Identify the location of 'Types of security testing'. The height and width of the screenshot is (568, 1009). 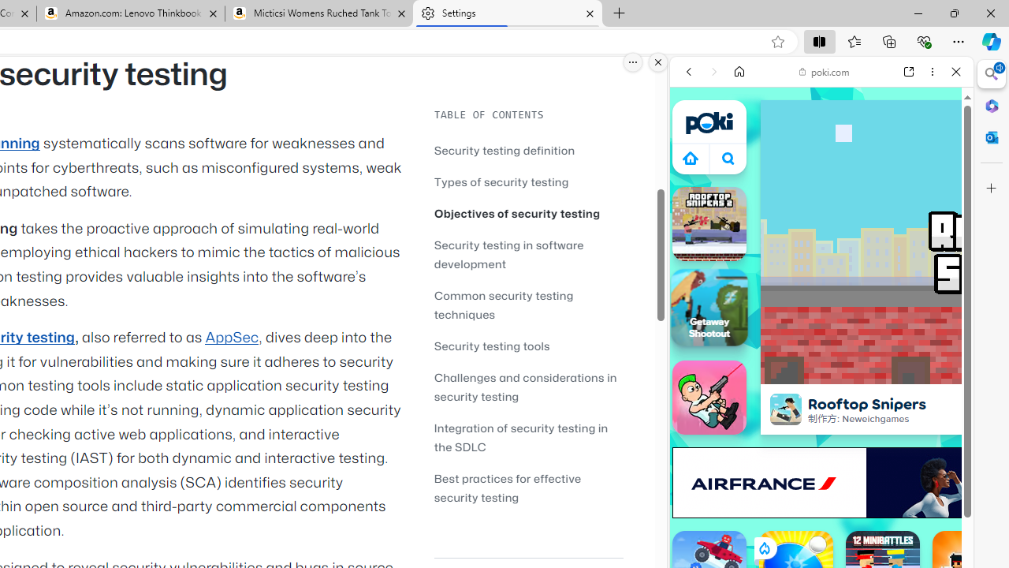
(528, 181).